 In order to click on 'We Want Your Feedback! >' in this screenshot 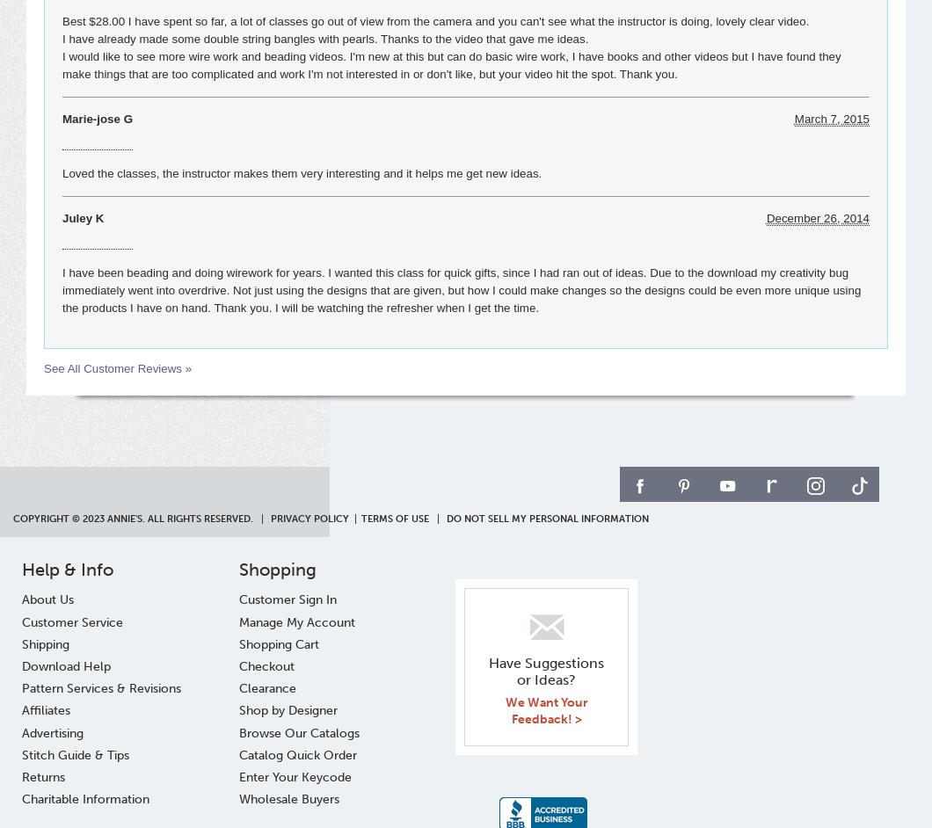, I will do `click(545, 708)`.